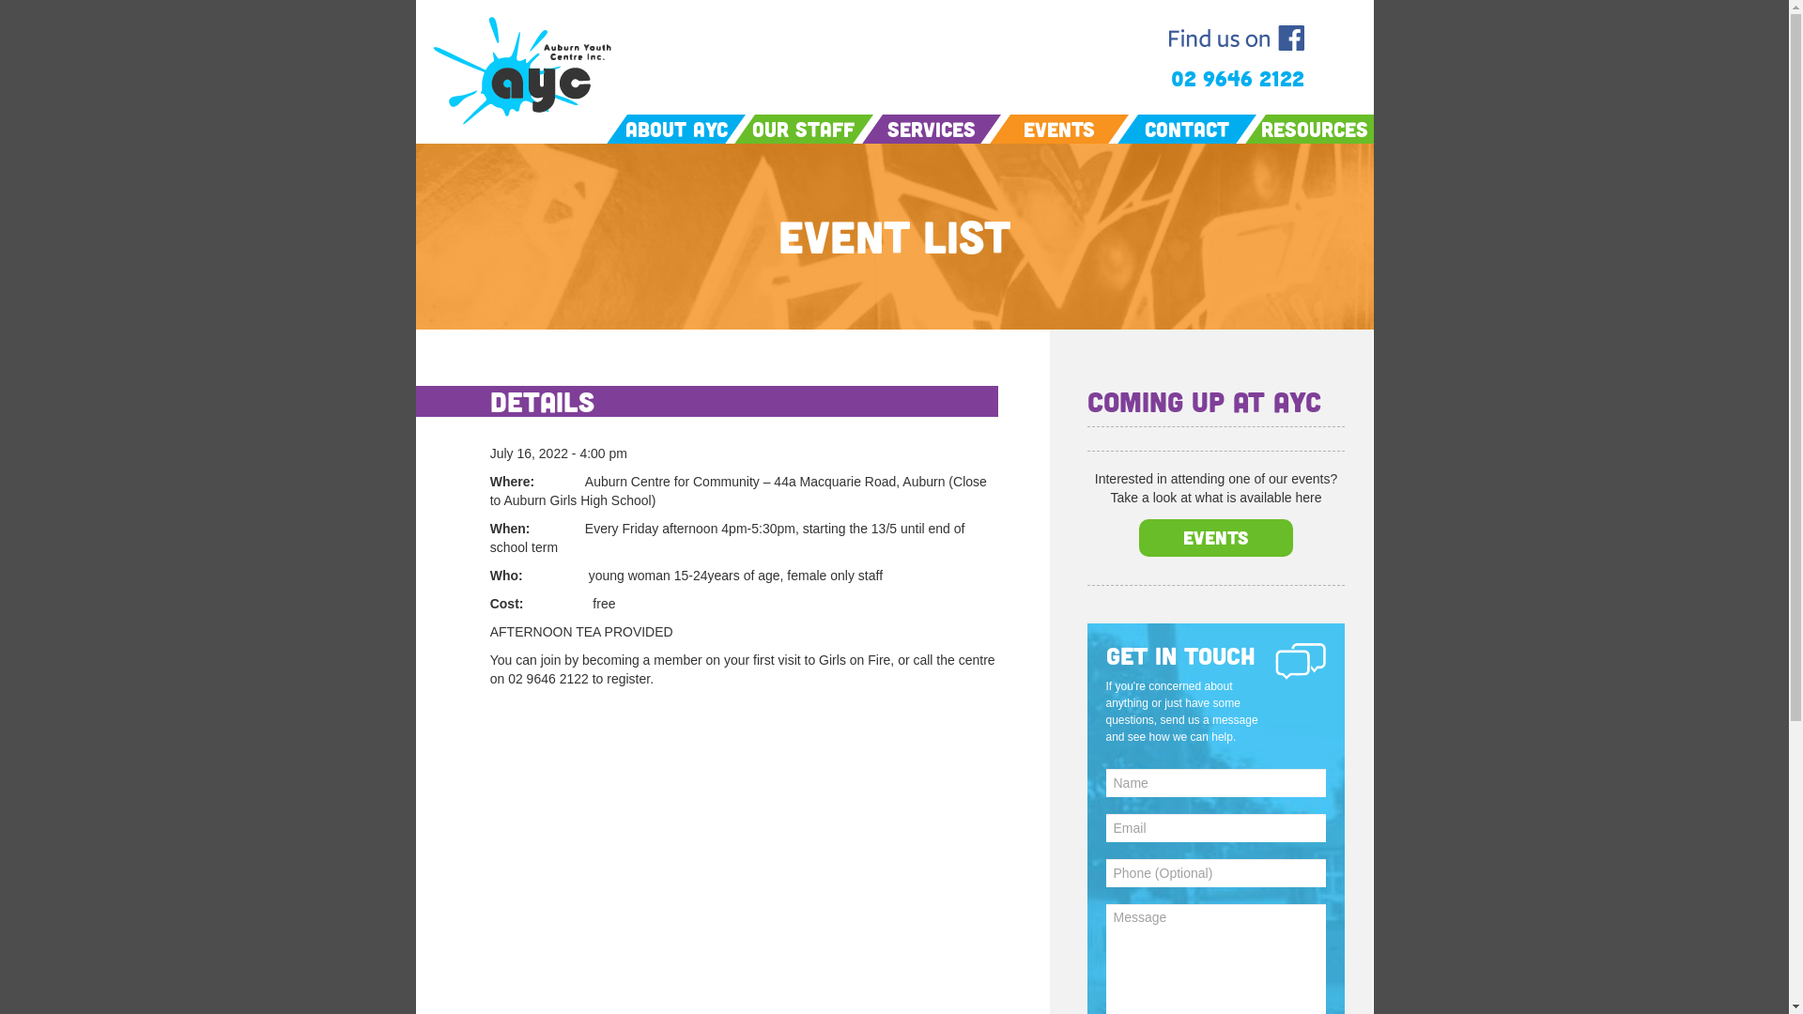 This screenshot has height=1014, width=1803. I want to click on 'Our Staff', so click(803, 128).